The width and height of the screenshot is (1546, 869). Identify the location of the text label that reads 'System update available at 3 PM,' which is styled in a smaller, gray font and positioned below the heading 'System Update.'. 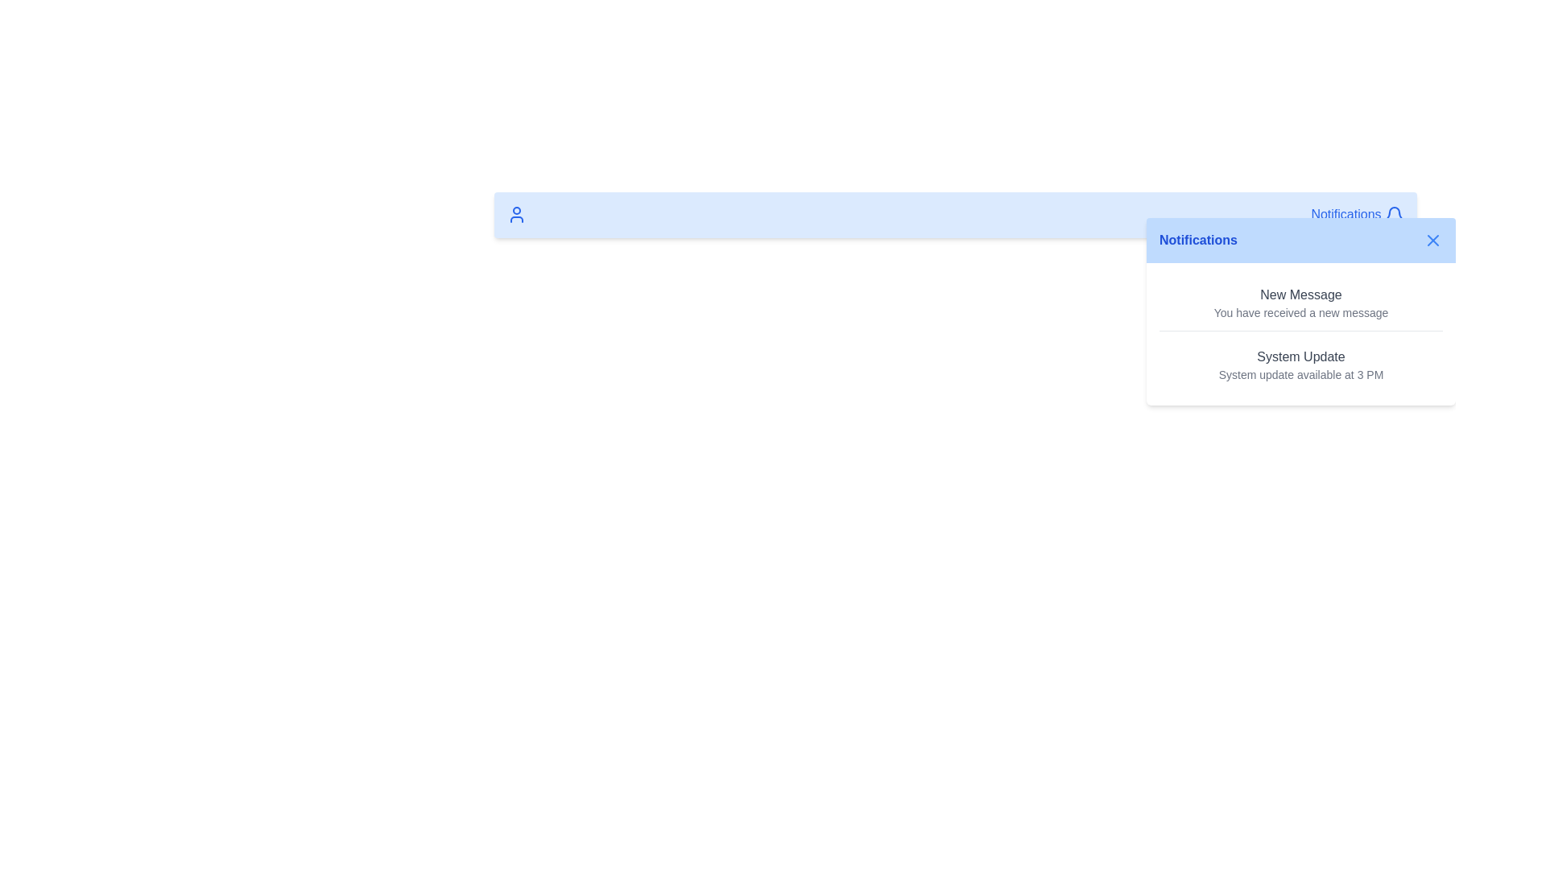
(1301, 375).